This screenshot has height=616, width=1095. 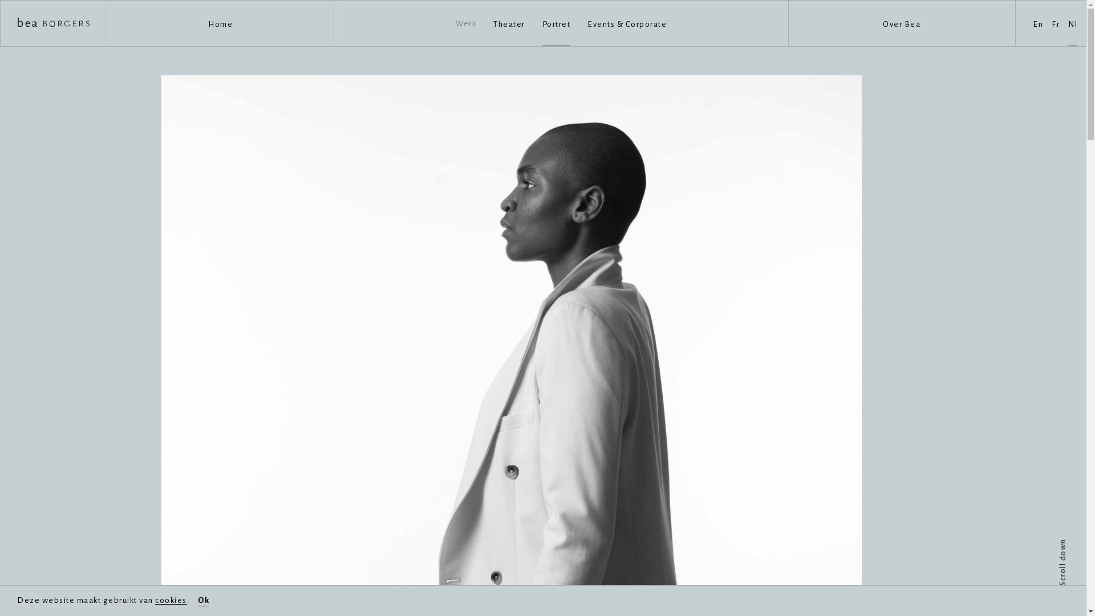 What do you see at coordinates (197, 600) in the screenshot?
I see `'Ok'` at bounding box center [197, 600].